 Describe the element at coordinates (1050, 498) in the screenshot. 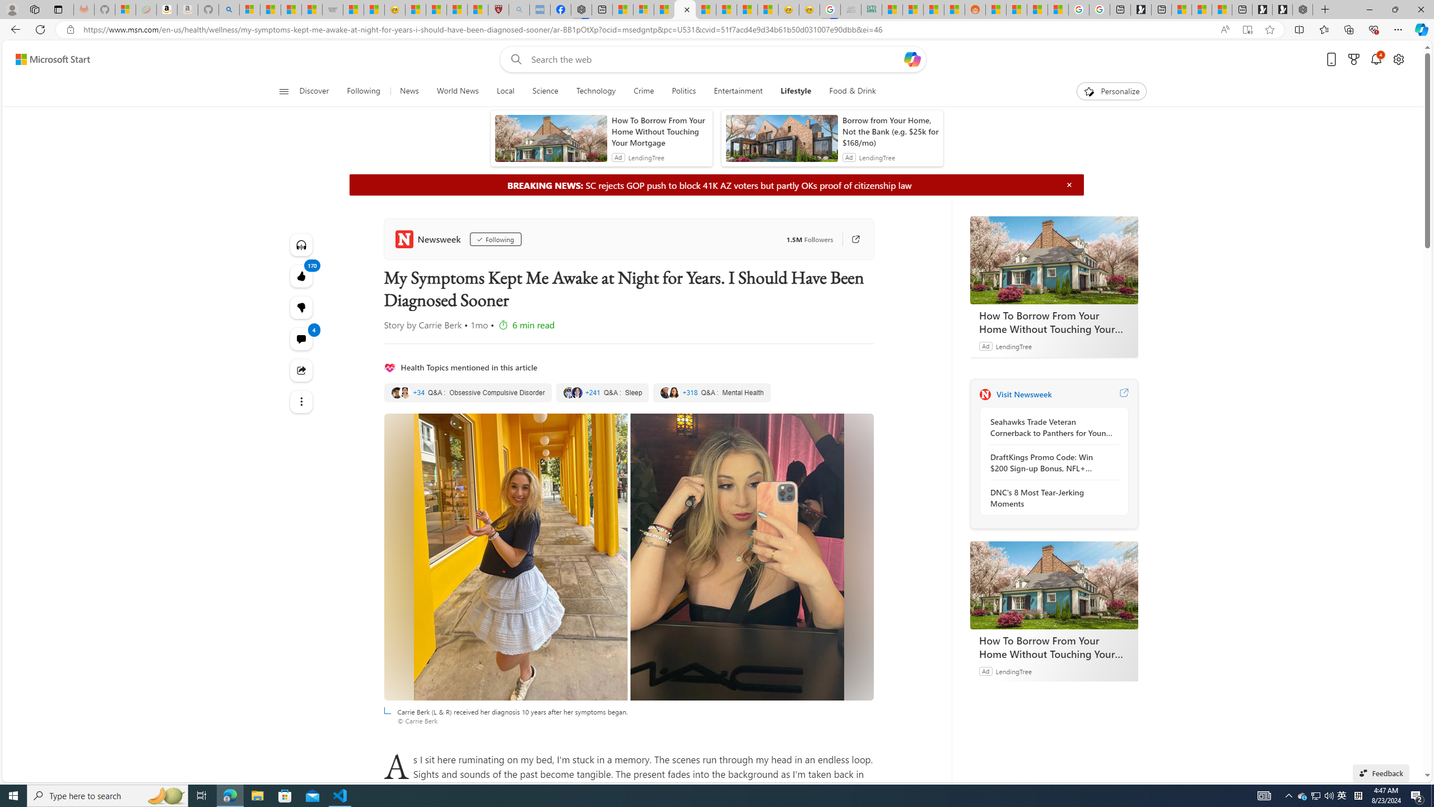

I see `'DNC'` at that location.